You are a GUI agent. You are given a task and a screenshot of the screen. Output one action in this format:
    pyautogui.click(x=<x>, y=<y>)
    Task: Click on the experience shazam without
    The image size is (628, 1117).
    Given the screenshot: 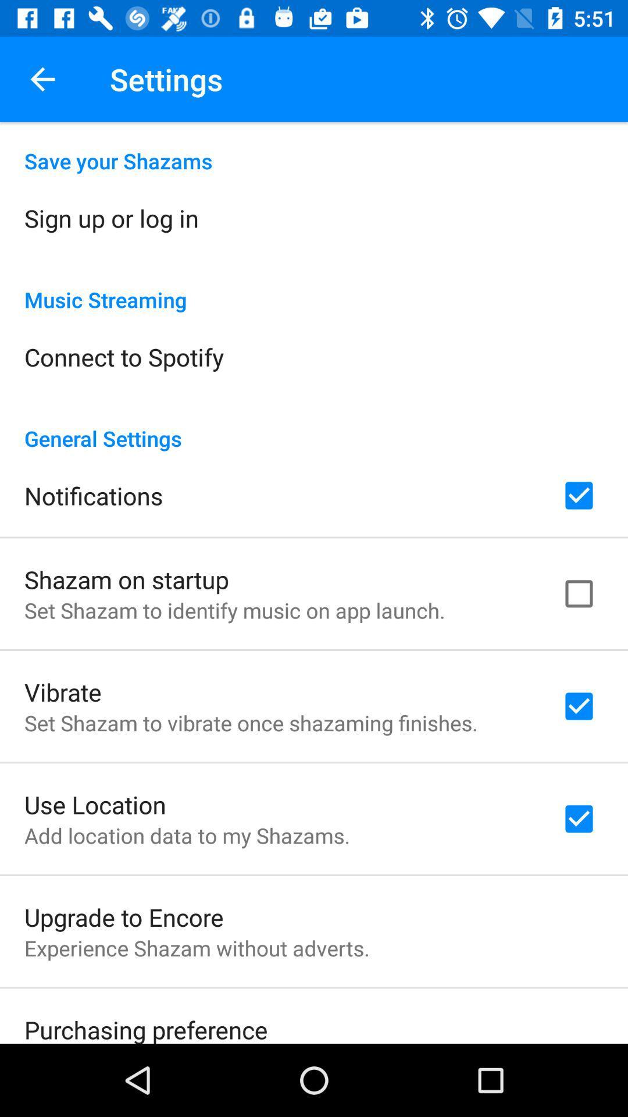 What is the action you would take?
    pyautogui.click(x=197, y=948)
    